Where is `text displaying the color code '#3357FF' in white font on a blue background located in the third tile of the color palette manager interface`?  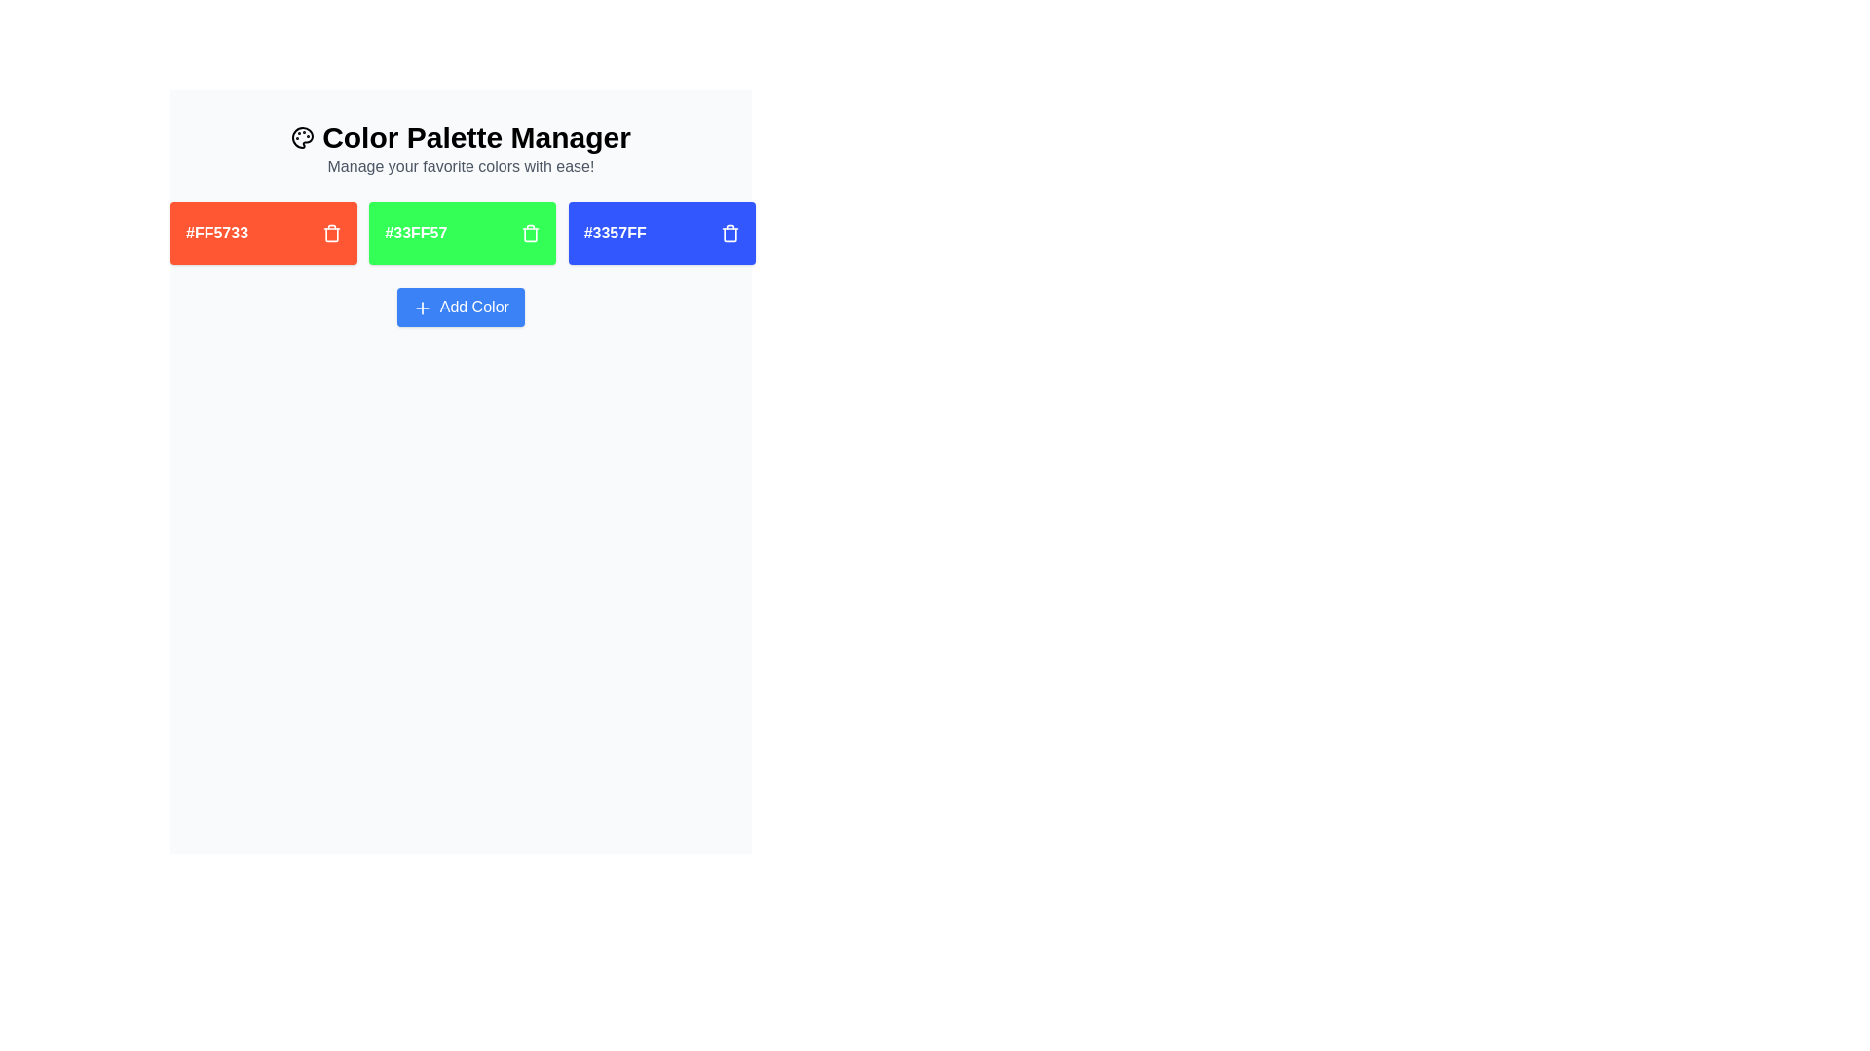 text displaying the color code '#3357FF' in white font on a blue background located in the third tile of the color palette manager interface is located at coordinates (614, 232).